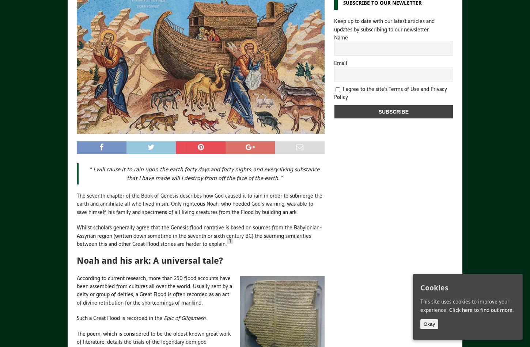 This screenshot has height=347, width=530. I want to click on 'Okay', so click(429, 324).